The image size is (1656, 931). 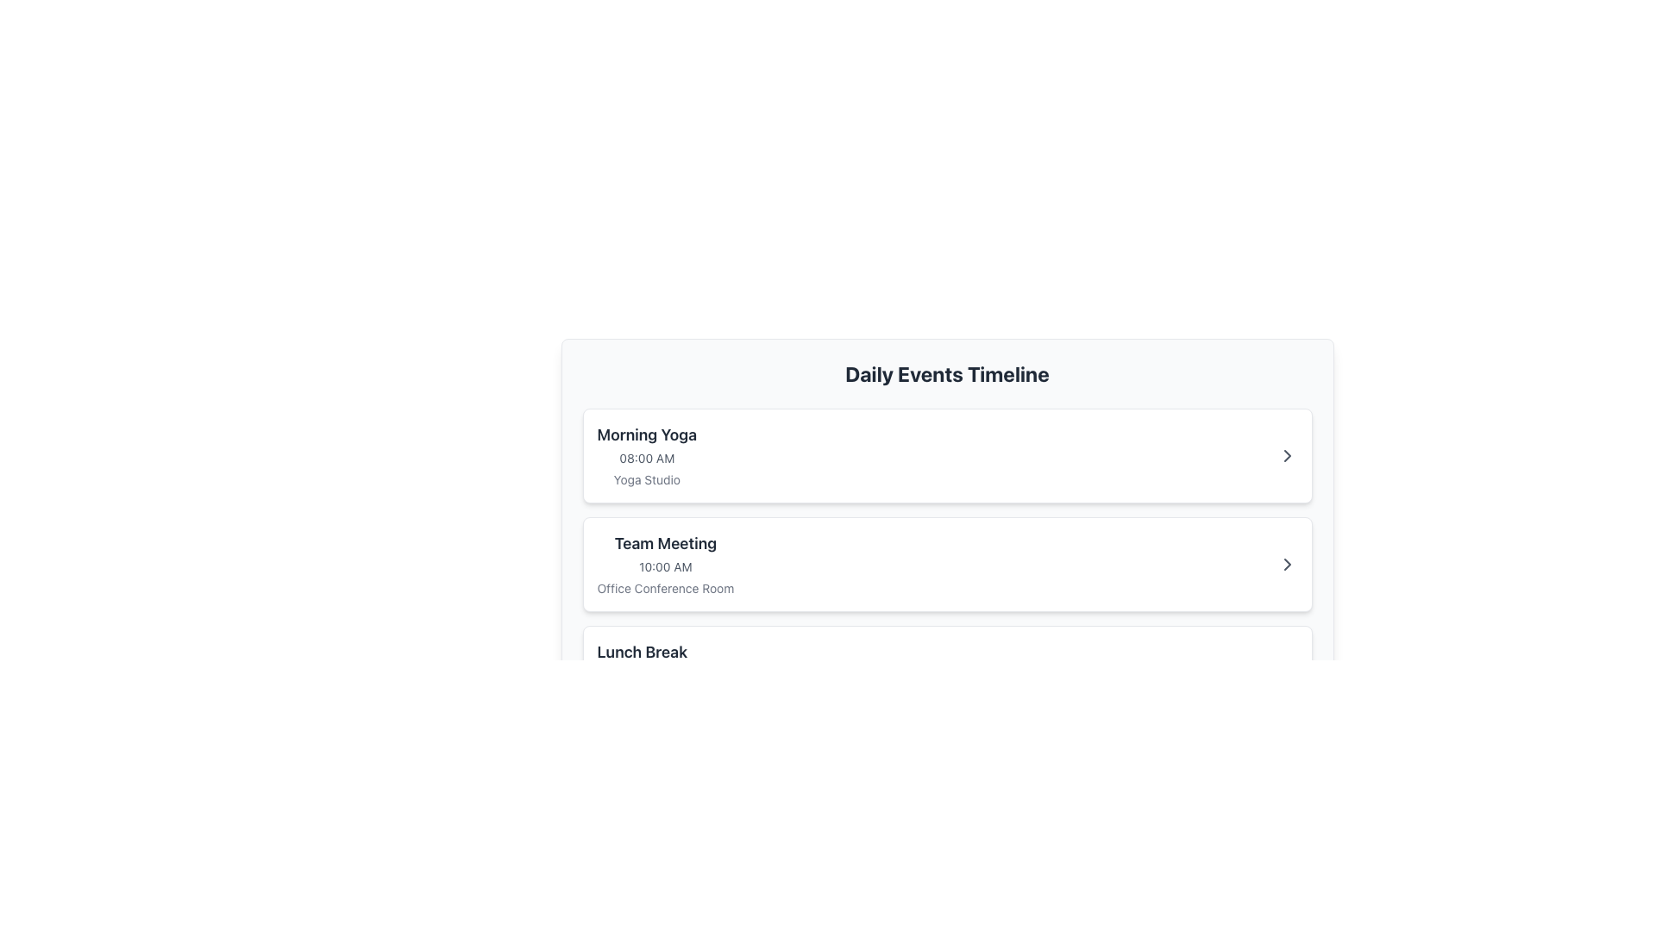 I want to click on the static text label displaying 'Office Conference Room' located within the 'Team Meeting' card in the 'Daily Events Timeline' panel, so click(x=664, y=587).